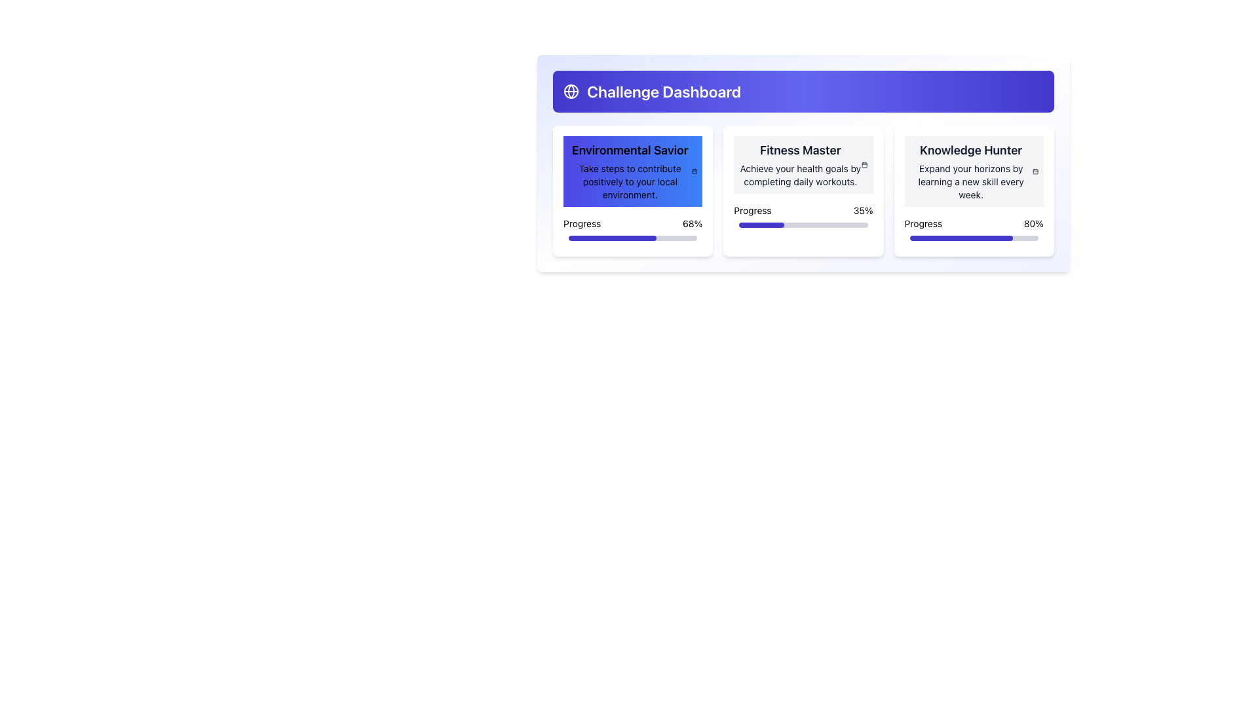  I want to click on title and details of the 'Environmental Savior' card, which is the first card in a set of three, featuring a white background, rounded corners, and a progress bar indicating 'Progress 68%', so click(633, 191).